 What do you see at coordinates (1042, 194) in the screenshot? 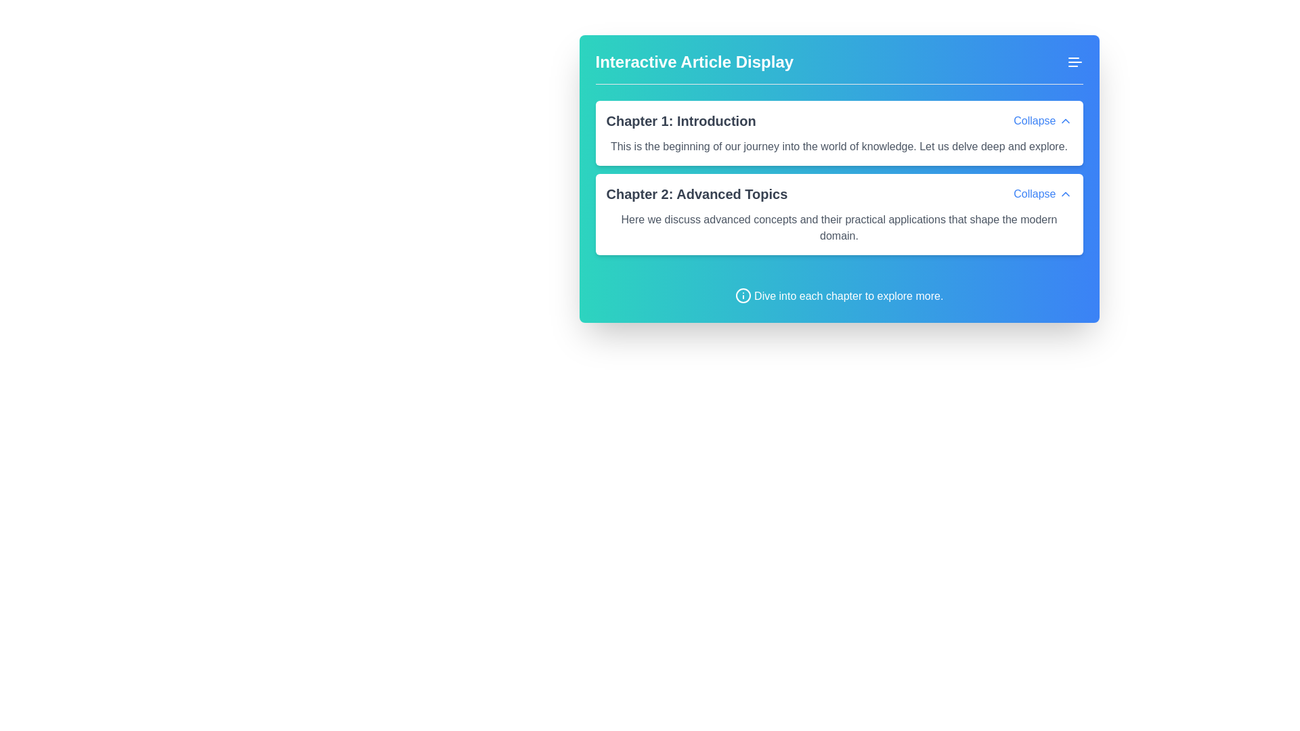
I see `the blue 'Collapse' button with an upward-facing arrow icon located at the right side of the 'Chapter 2: Advanced Topics' section header` at bounding box center [1042, 194].